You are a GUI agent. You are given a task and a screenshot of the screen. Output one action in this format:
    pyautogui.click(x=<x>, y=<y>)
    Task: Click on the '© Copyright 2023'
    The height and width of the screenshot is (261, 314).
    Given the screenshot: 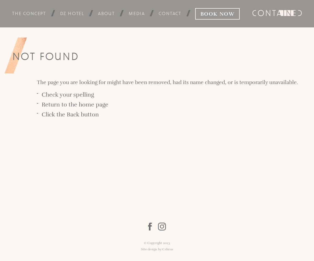 What is the action you would take?
    pyautogui.click(x=143, y=243)
    